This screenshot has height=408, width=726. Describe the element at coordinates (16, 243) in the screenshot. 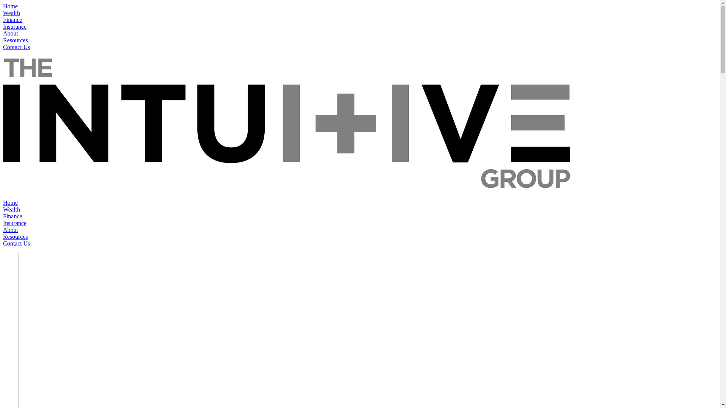

I see `'Contact Us'` at that location.